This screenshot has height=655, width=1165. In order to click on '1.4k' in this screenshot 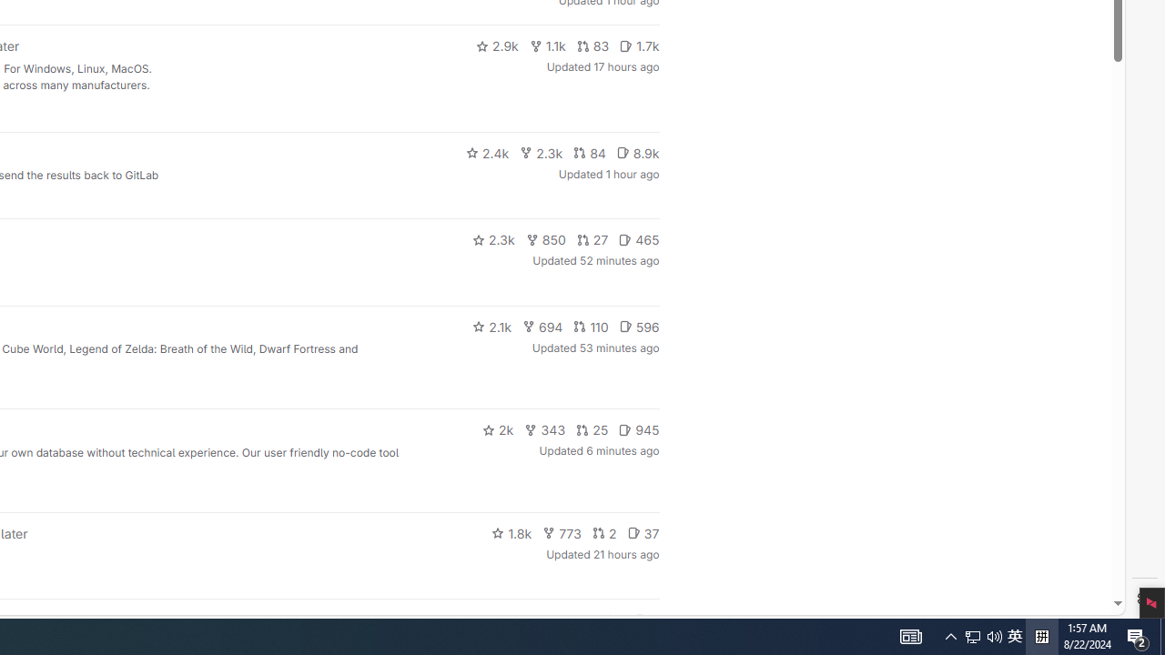, I will do `click(521, 619)`.